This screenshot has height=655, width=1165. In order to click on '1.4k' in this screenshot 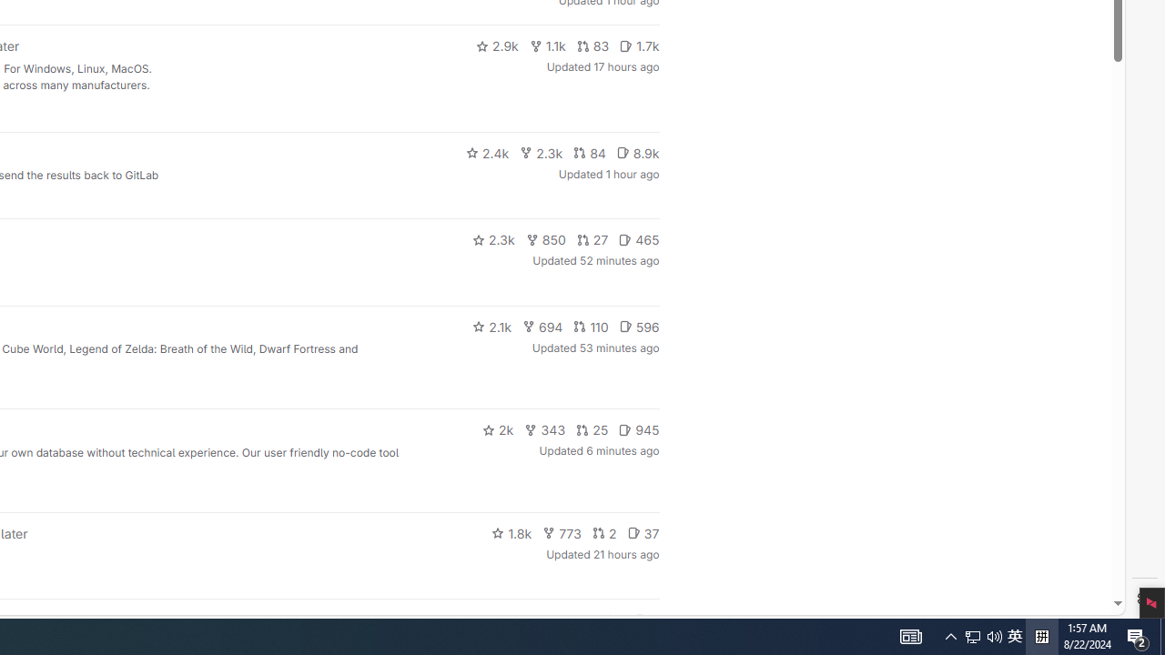, I will do `click(521, 619)`.